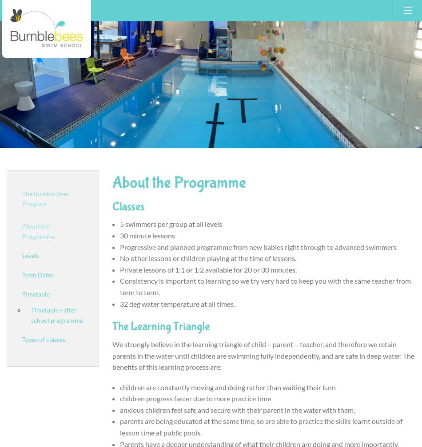  What do you see at coordinates (160, 326) in the screenshot?
I see `'The Learning Triangle'` at bounding box center [160, 326].